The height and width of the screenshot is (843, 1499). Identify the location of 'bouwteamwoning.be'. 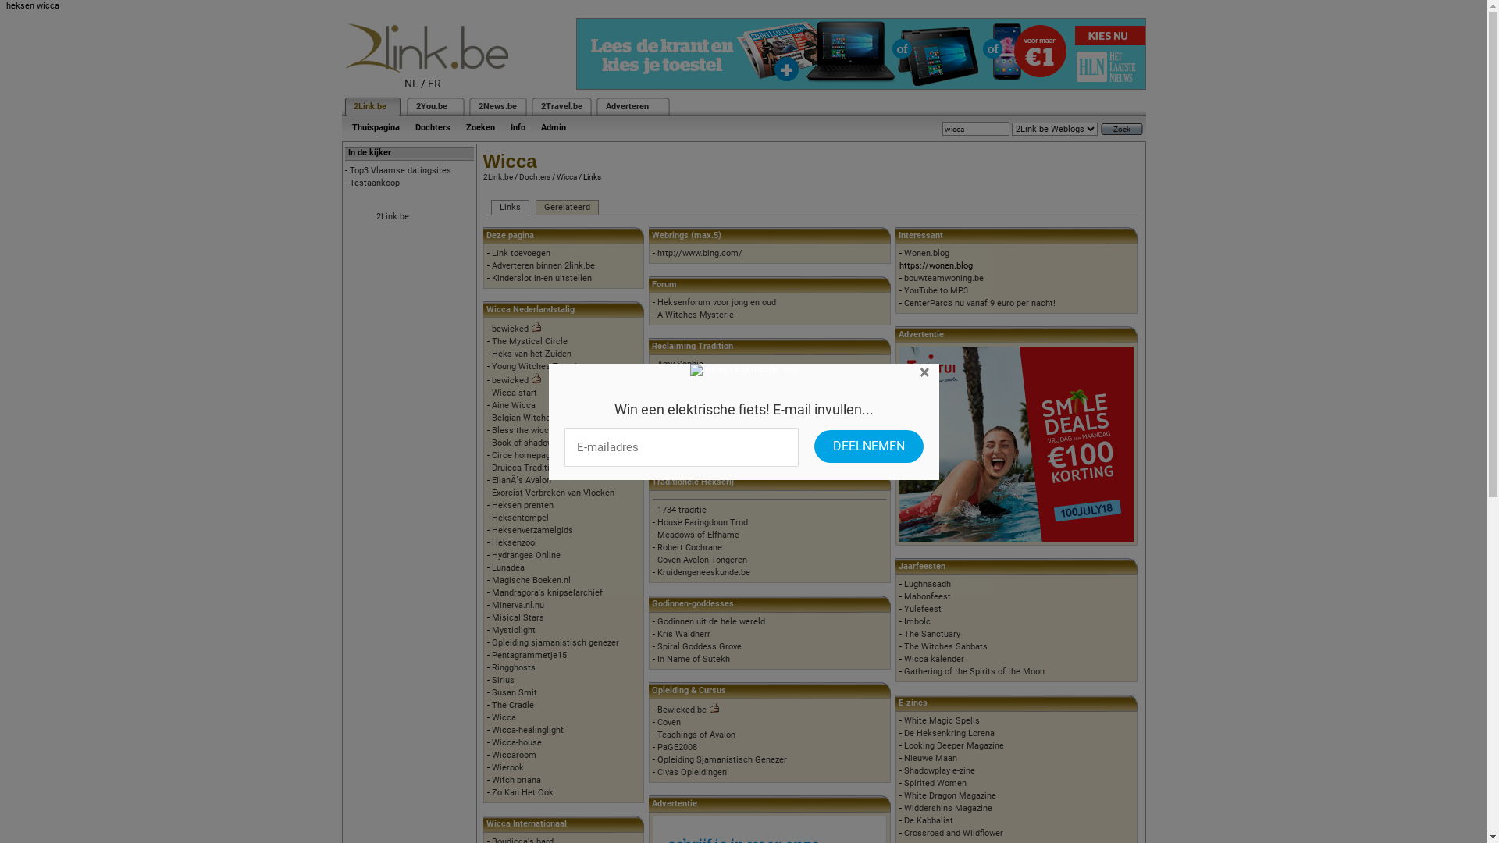
(943, 277).